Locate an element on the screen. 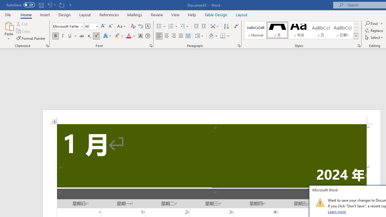 The width and height of the screenshot is (386, 217). 'Center' is located at coordinates (166, 36).